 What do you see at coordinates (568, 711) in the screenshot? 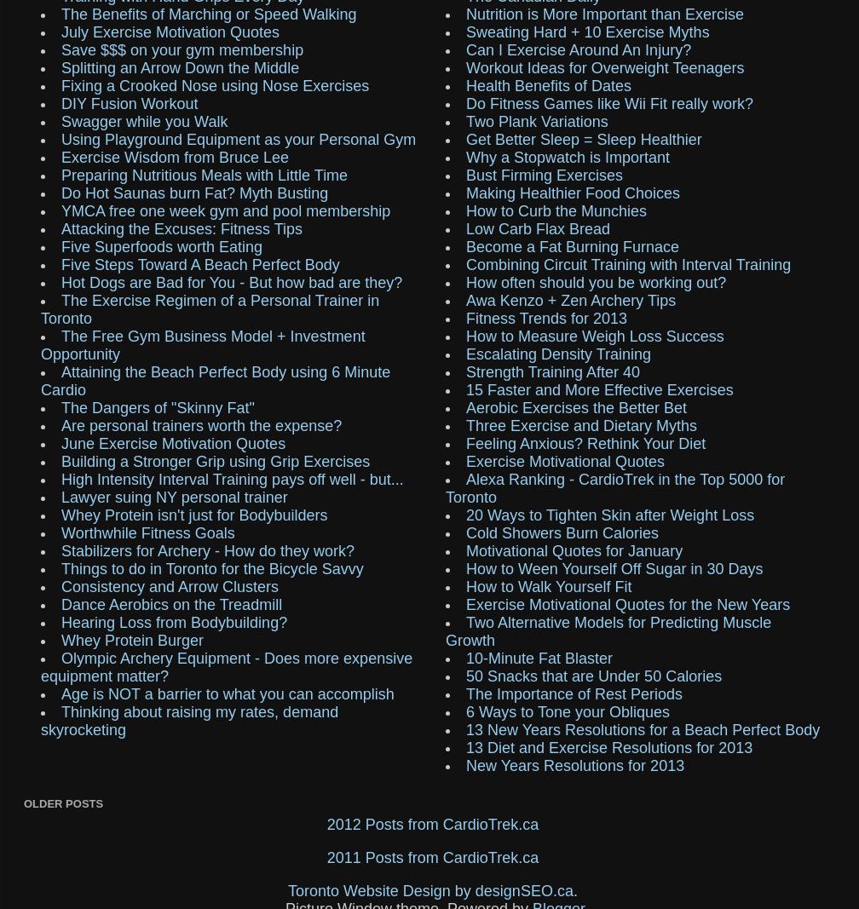
I see `'6 Ways to Tone your Obliques'` at bounding box center [568, 711].